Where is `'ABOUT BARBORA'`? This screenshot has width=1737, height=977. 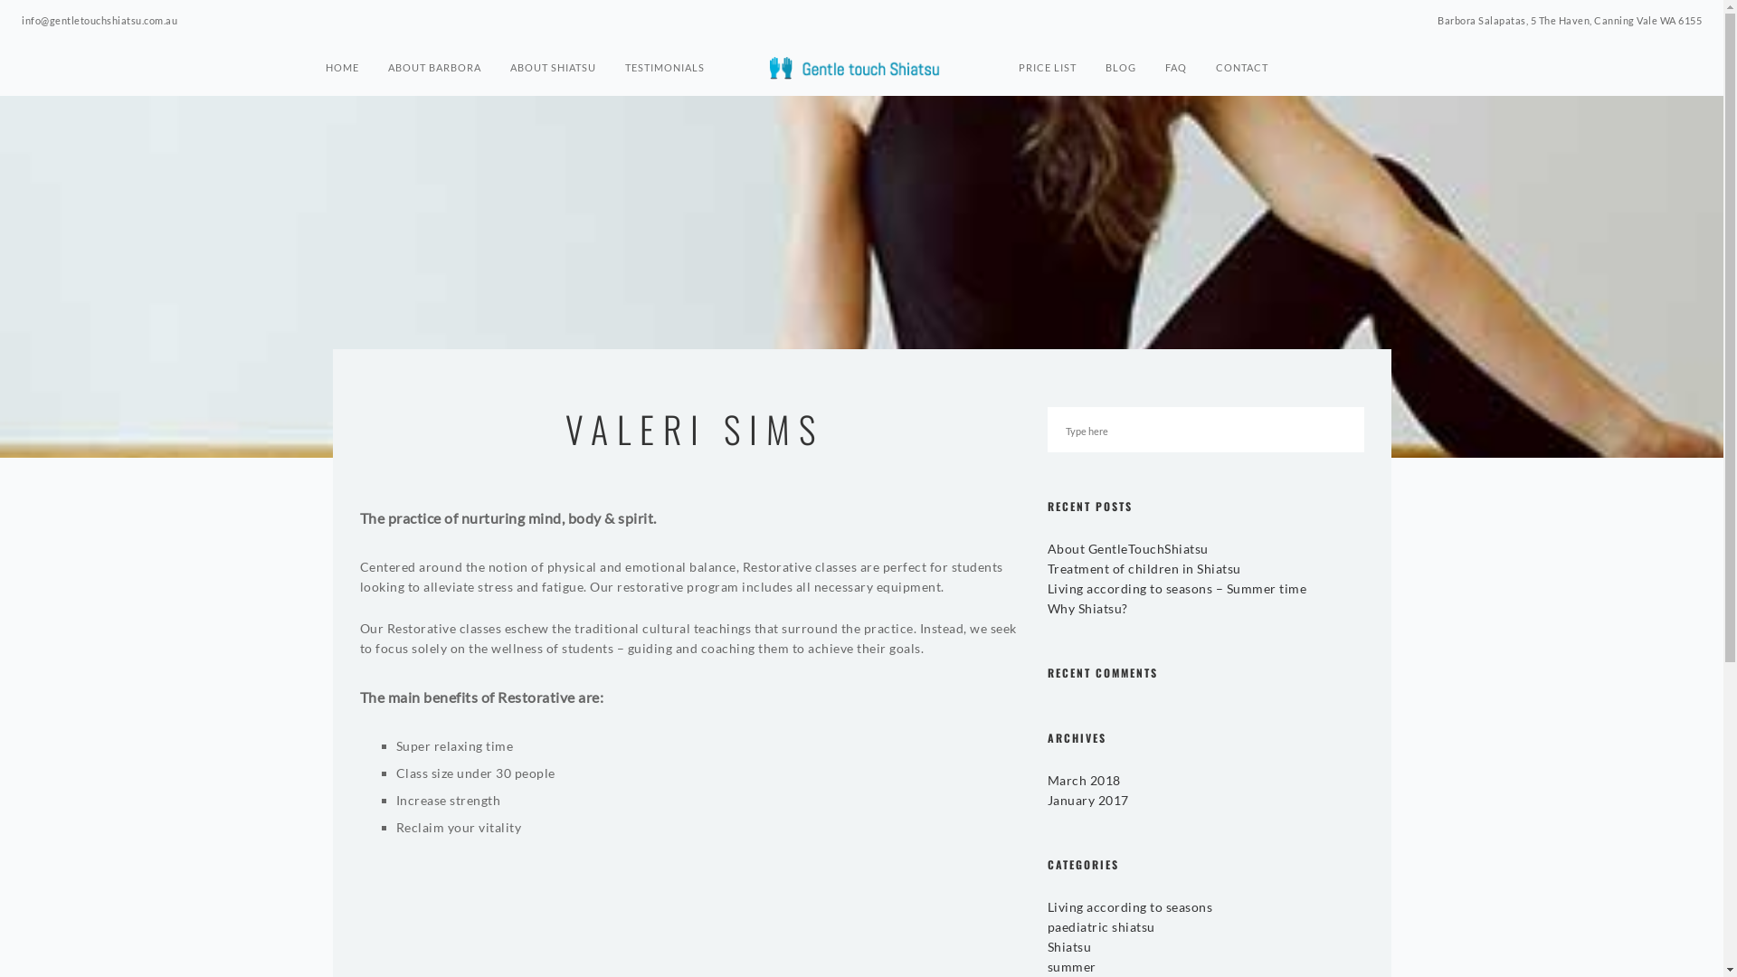 'ABOUT BARBORA' is located at coordinates (434, 68).